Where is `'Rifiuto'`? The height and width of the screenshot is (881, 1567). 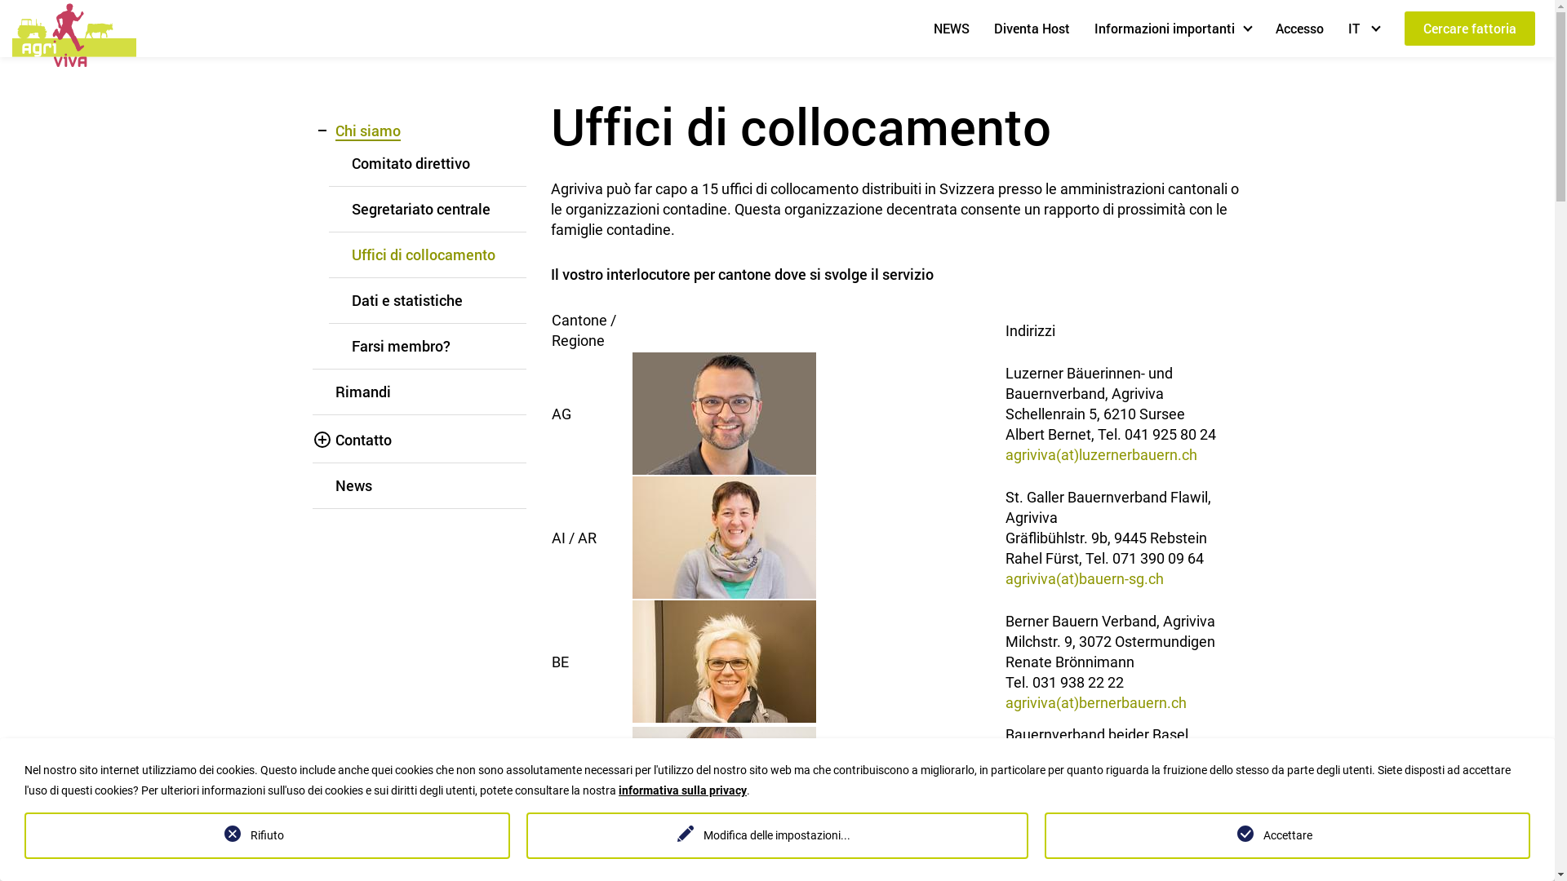 'Rifiuto' is located at coordinates (267, 835).